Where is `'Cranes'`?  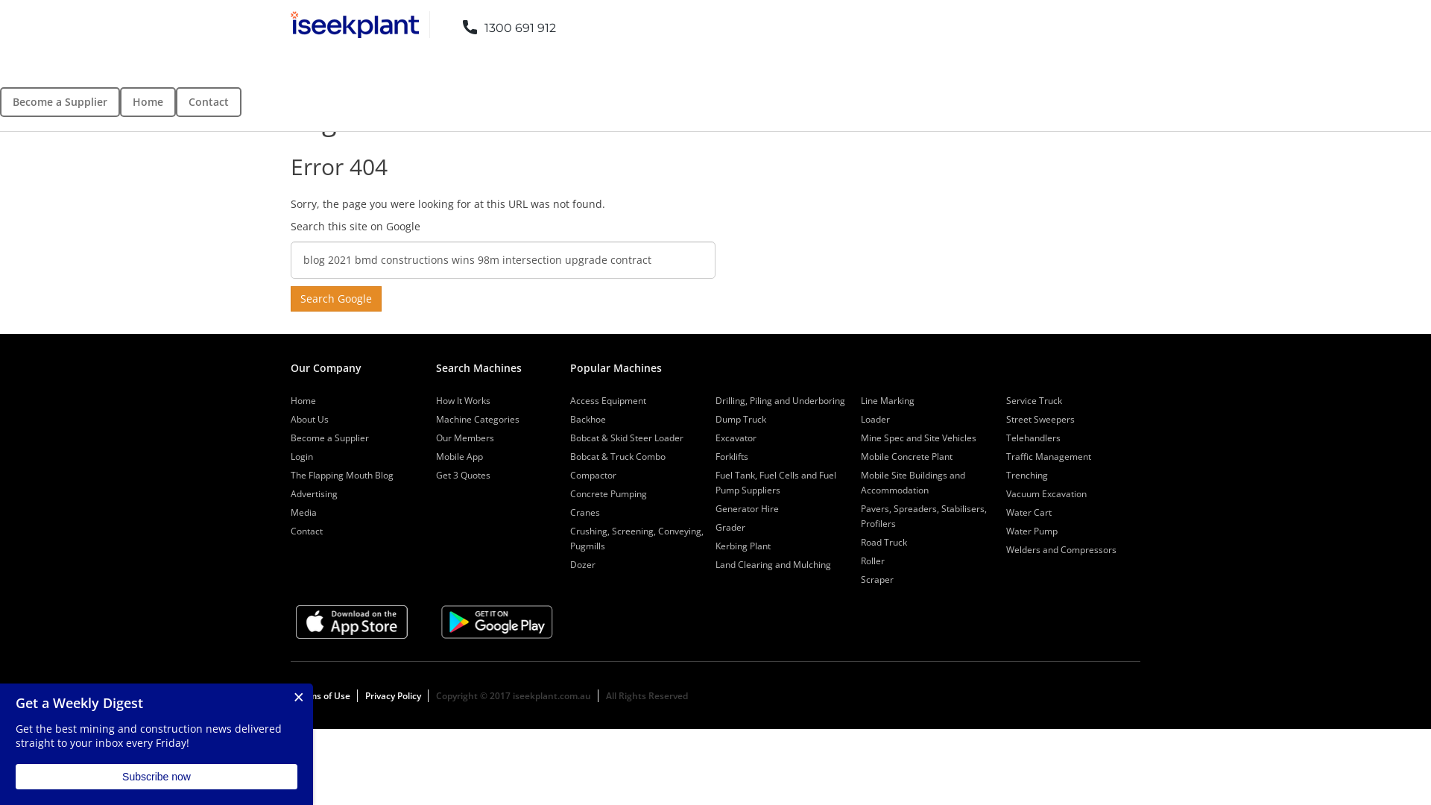
'Cranes' is located at coordinates (584, 511).